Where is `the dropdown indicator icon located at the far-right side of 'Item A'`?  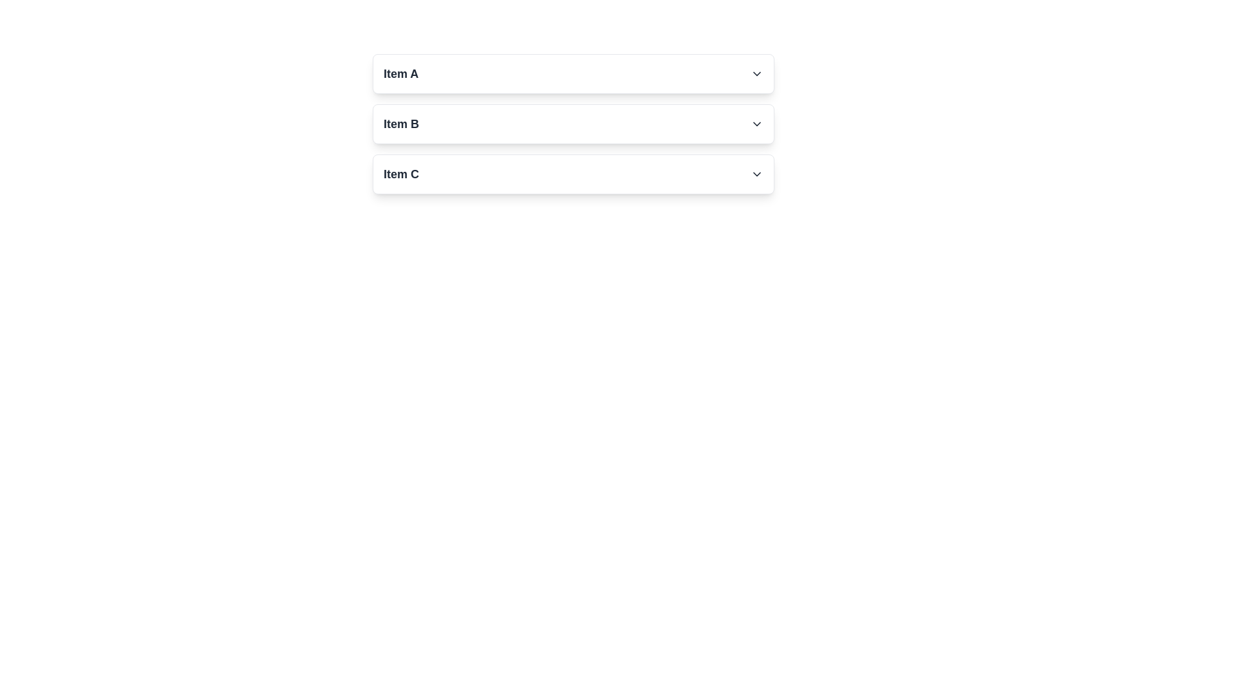 the dropdown indicator icon located at the far-right side of 'Item A' is located at coordinates (757, 74).